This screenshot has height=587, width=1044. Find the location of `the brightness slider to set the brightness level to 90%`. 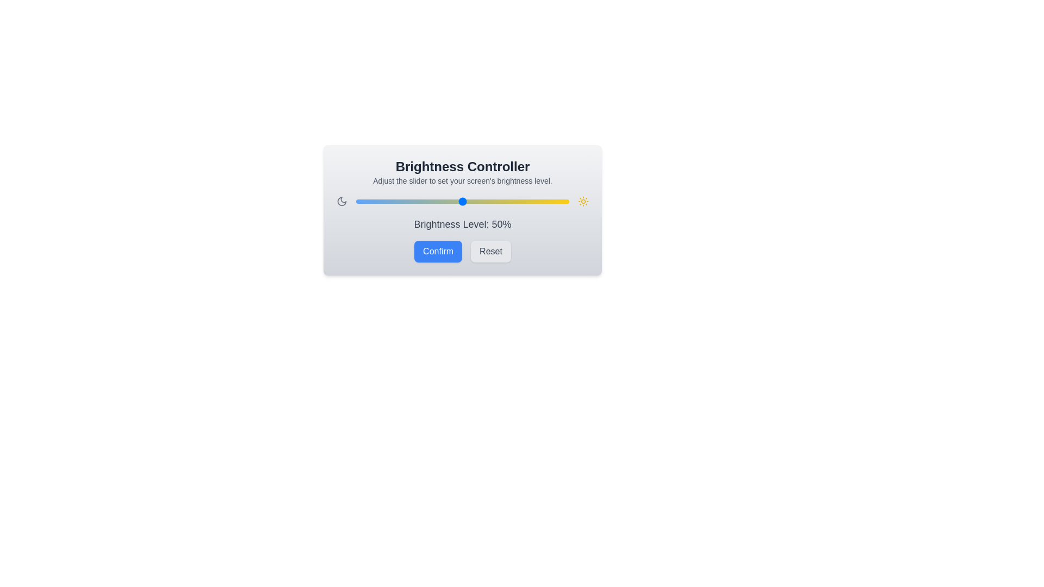

the brightness slider to set the brightness level to 90% is located at coordinates (548, 201).